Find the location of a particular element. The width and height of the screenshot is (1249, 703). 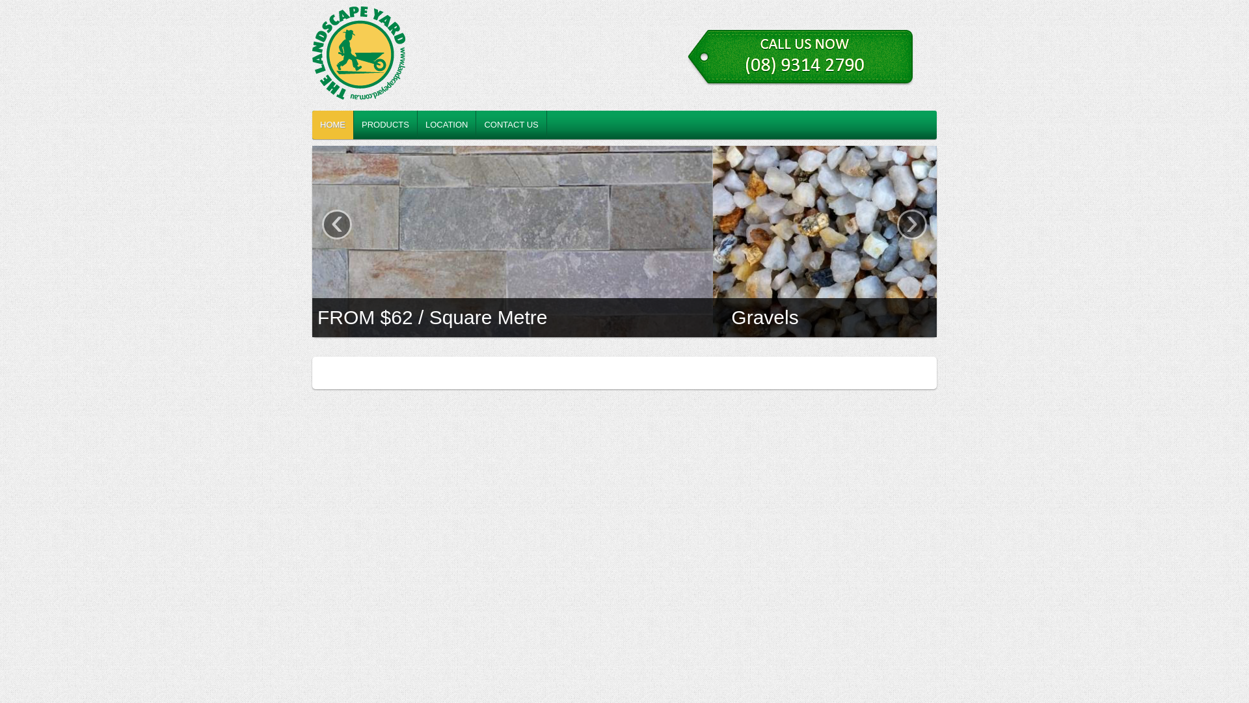

'CONTACT US' is located at coordinates (511, 125).